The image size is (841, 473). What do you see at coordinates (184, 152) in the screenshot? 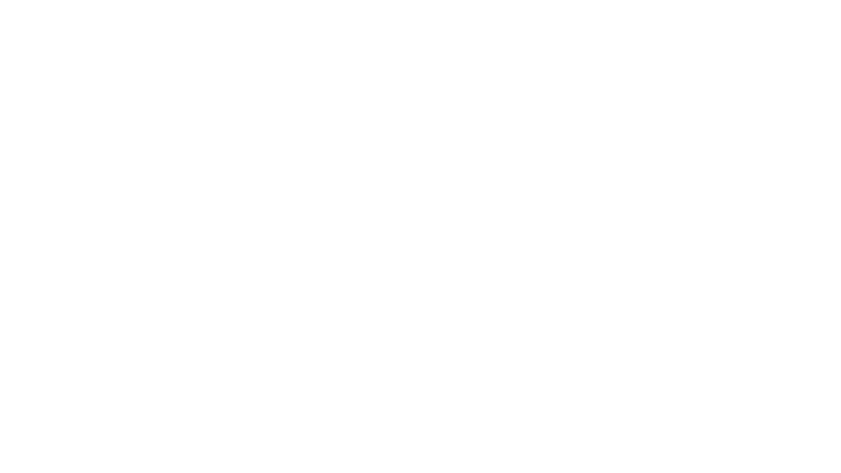
I see `Previous` at bounding box center [184, 152].